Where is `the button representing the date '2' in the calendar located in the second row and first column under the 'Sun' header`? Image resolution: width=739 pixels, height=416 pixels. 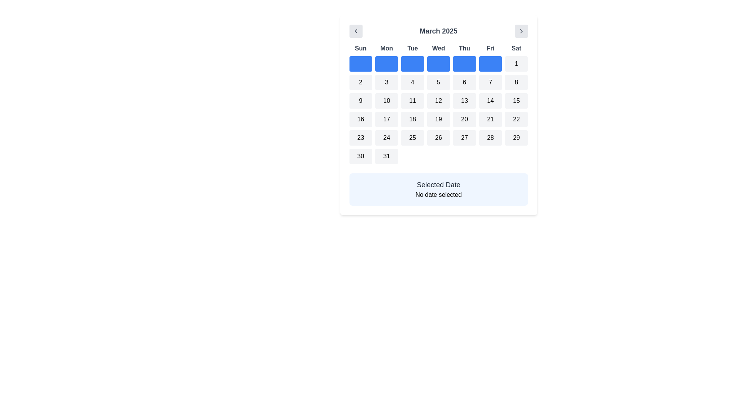
the button representing the date '2' in the calendar located in the second row and first column under the 'Sun' header is located at coordinates (360, 82).